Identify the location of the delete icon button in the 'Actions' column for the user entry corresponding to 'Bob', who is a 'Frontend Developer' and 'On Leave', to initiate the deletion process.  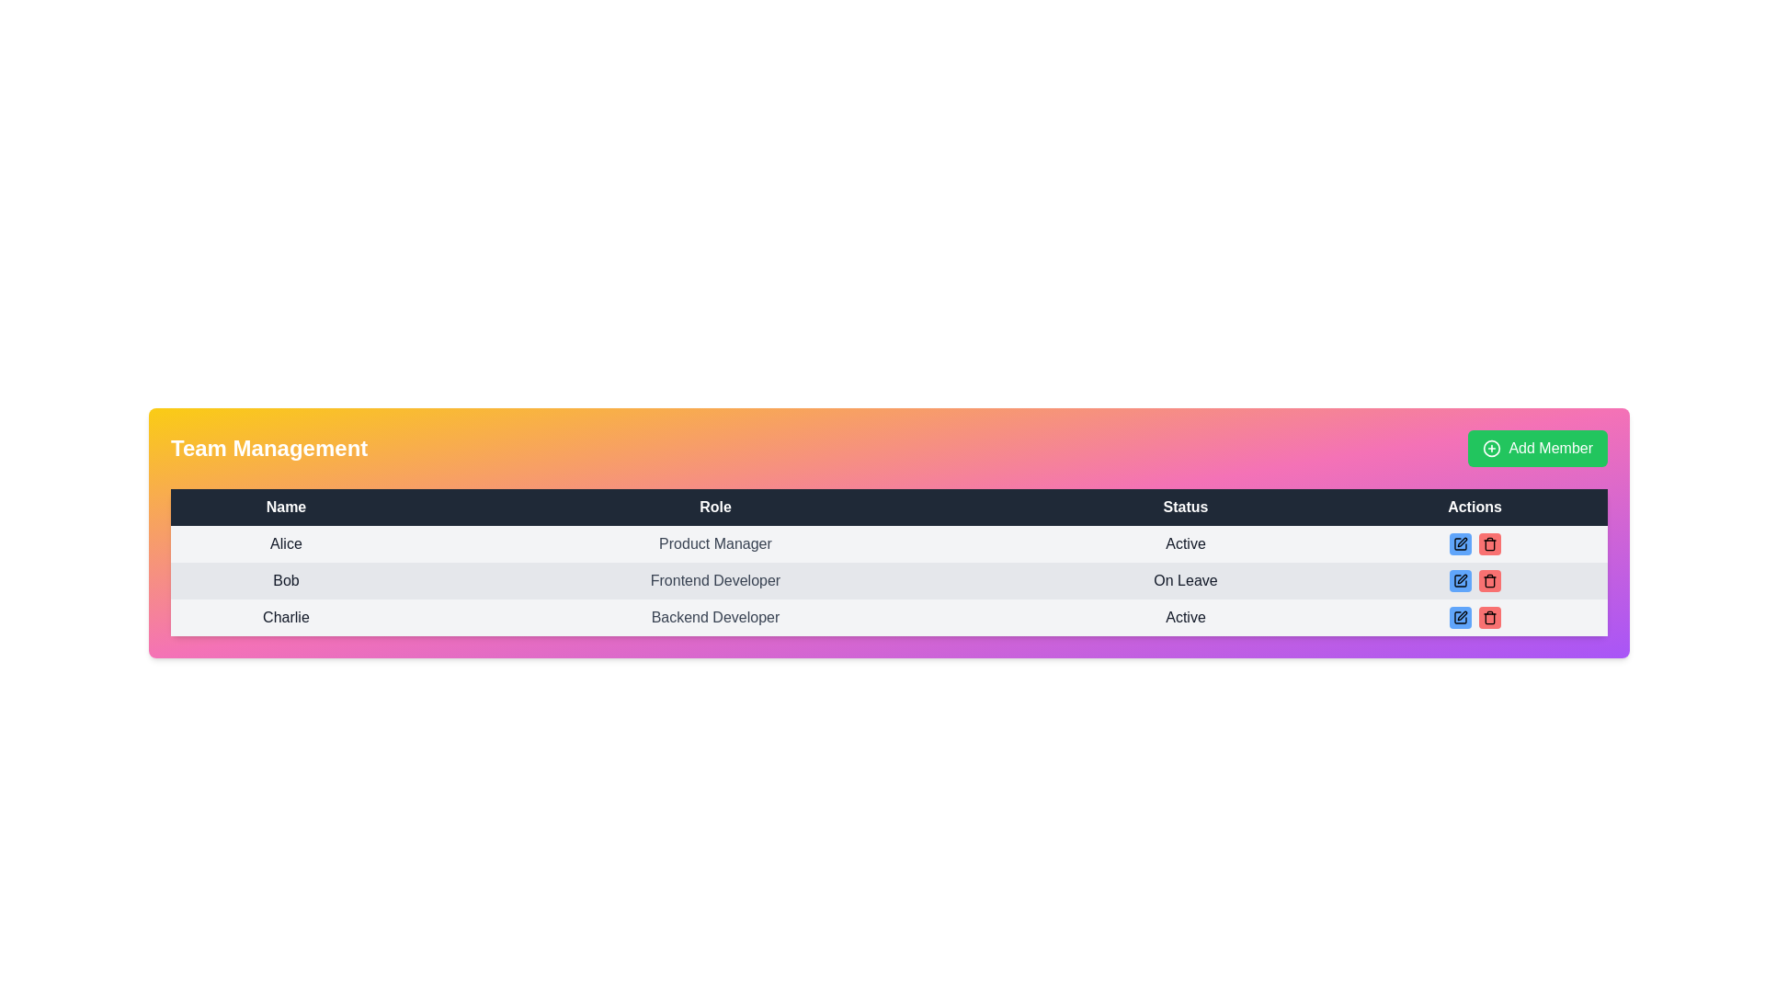
(1489, 542).